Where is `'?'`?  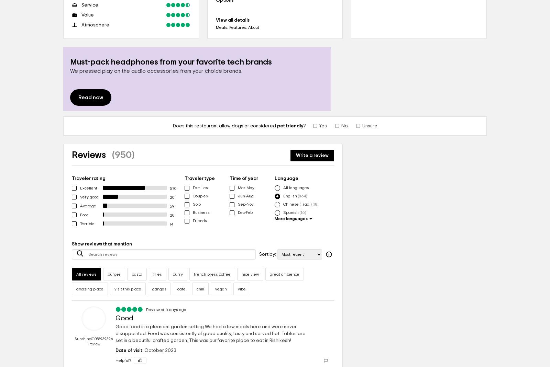 '?' is located at coordinates (304, 126).